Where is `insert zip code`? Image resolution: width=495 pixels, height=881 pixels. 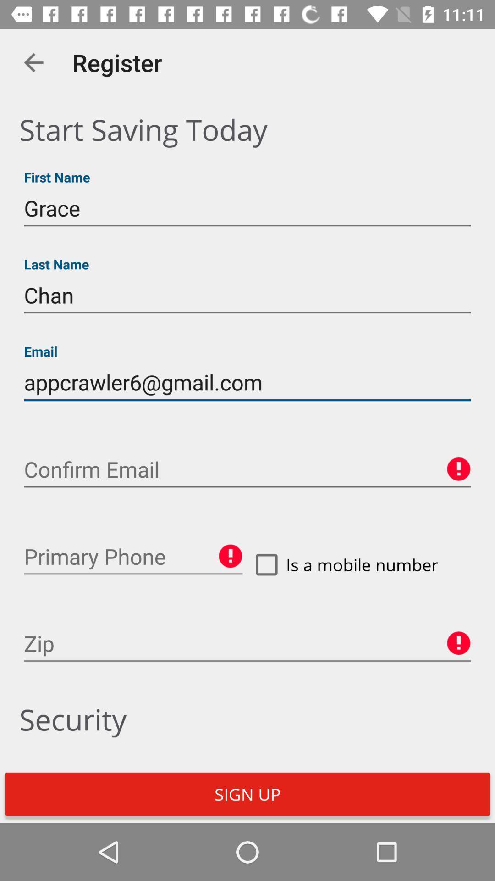
insert zip code is located at coordinates (247, 643).